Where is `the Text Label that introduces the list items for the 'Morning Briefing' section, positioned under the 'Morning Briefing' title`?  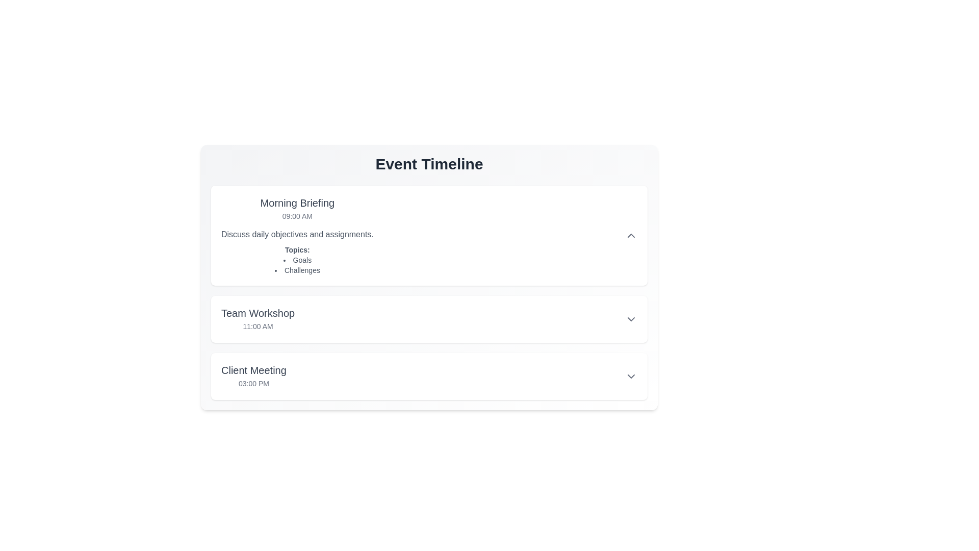 the Text Label that introduces the list items for the 'Morning Briefing' section, positioned under the 'Morning Briefing' title is located at coordinates (297, 249).